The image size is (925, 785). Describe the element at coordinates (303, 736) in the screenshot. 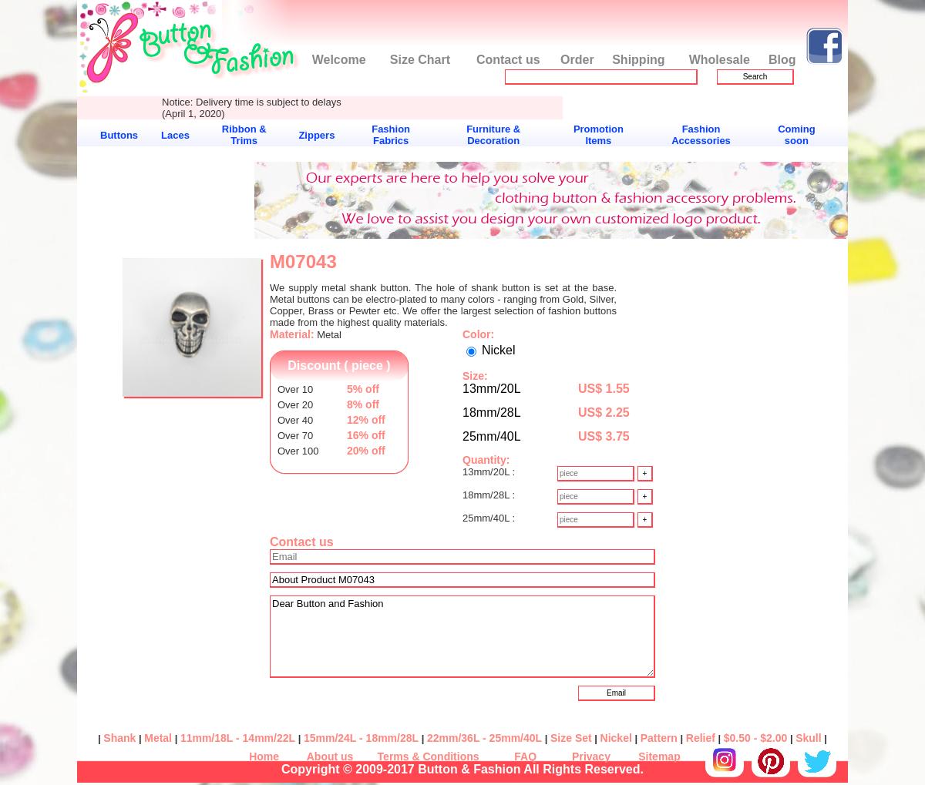

I see `'15mm/24L - 18mm/28L'` at that location.